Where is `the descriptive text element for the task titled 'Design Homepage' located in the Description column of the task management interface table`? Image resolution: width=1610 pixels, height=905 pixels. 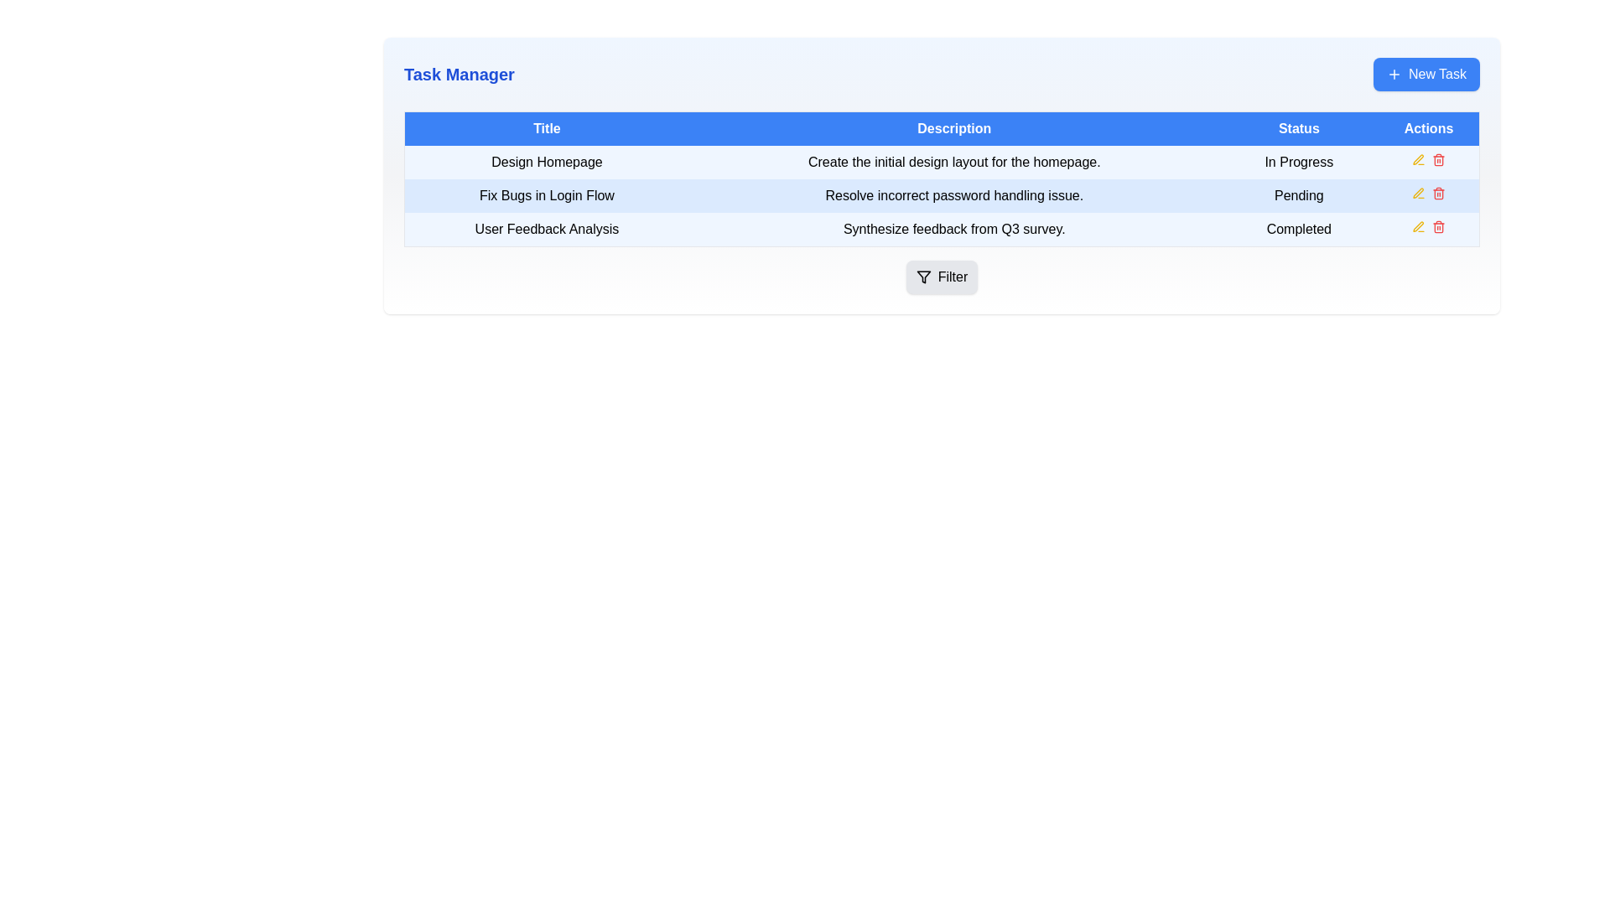
the descriptive text element for the task titled 'Design Homepage' located in the Description column of the task management interface table is located at coordinates (954, 162).